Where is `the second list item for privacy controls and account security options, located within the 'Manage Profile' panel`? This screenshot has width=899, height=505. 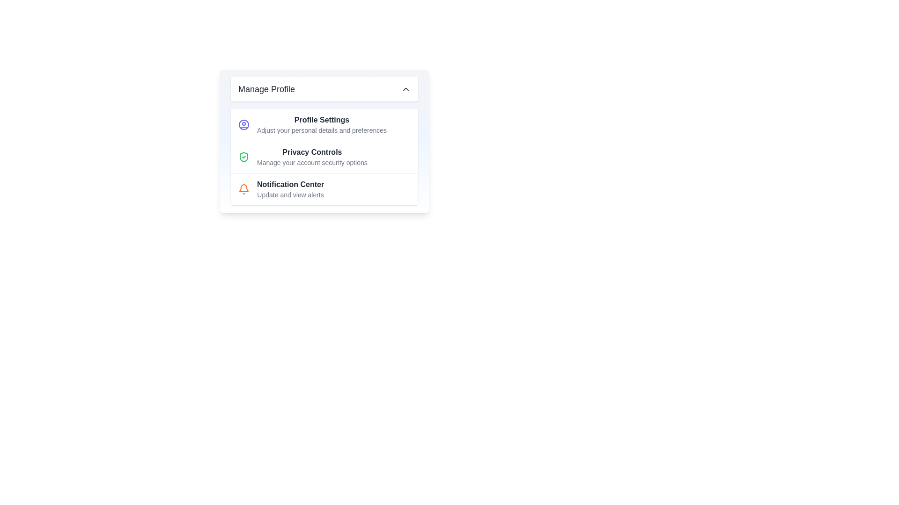 the second list item for privacy controls and account security options, located within the 'Manage Profile' panel is located at coordinates (324, 156).